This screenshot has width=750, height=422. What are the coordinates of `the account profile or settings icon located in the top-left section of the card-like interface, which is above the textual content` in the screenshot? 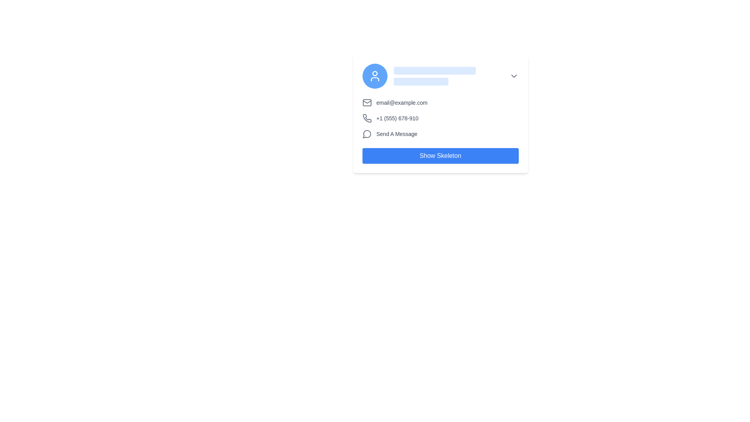 It's located at (374, 76).